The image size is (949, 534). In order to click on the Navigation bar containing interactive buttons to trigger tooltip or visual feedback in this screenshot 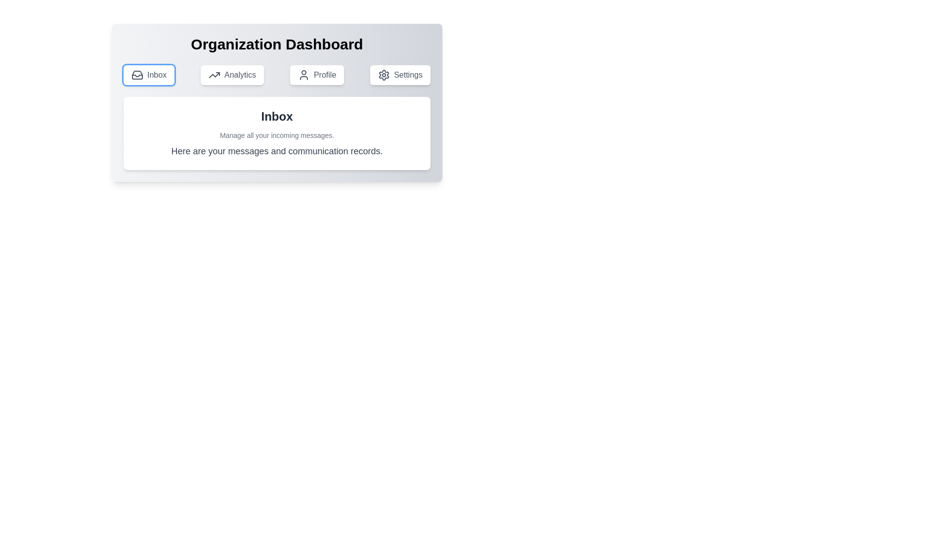, I will do `click(277, 74)`.